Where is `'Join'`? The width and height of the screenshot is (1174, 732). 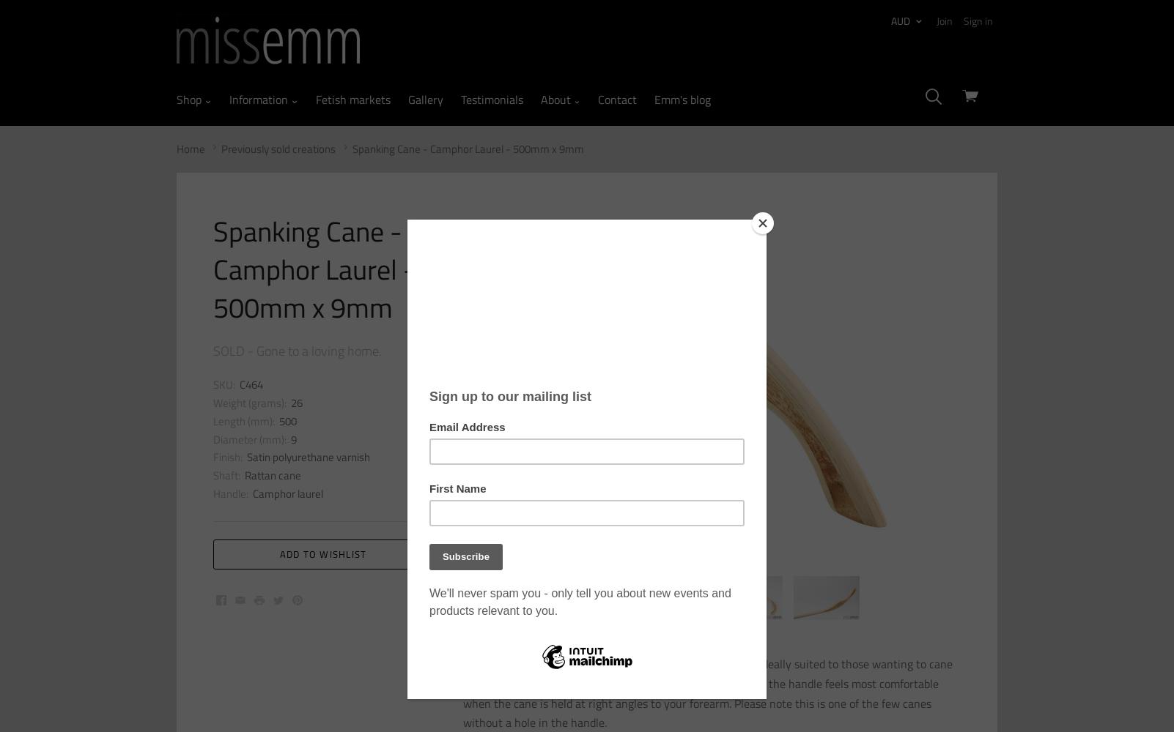 'Join' is located at coordinates (937, 20).